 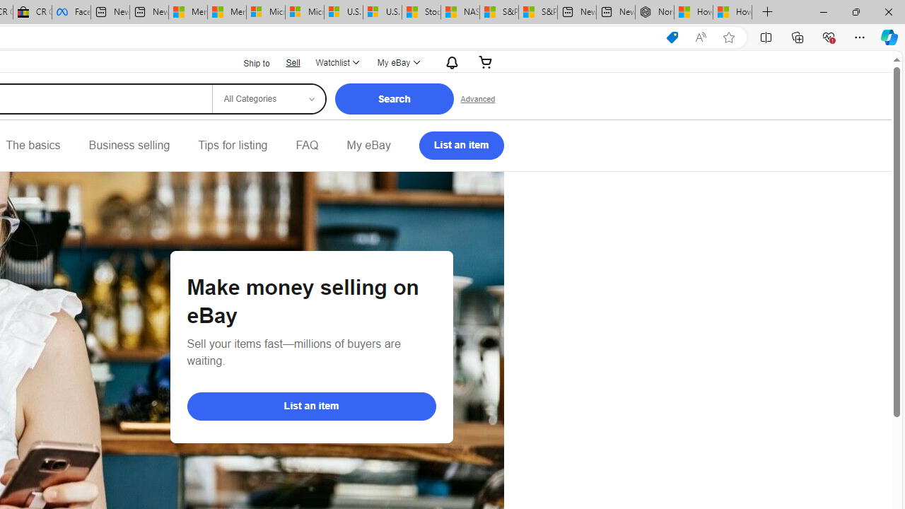 I want to click on 'My eBay', so click(x=368, y=145).